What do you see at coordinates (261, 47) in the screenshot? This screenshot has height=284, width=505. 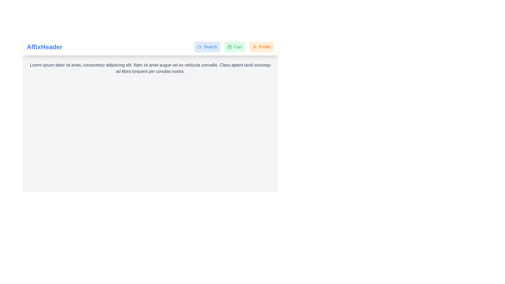 I see `the profile button located in the header section, which is the rightmost button in a sequence of interactive options` at bounding box center [261, 47].